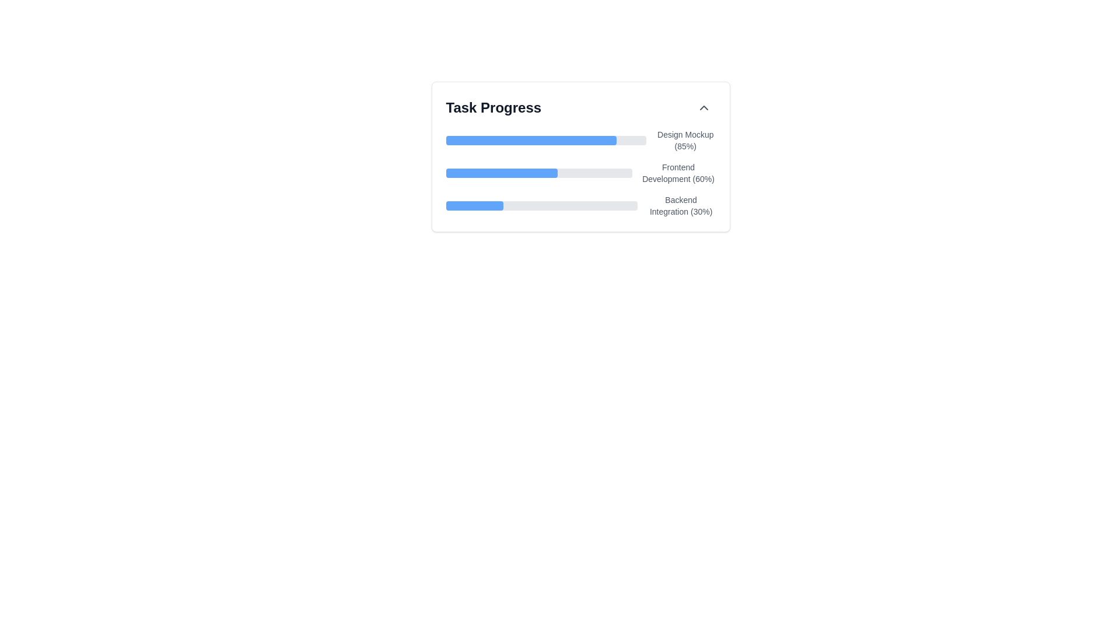  Describe the element at coordinates (580, 205) in the screenshot. I see `the third progress bar in the 'Task Progress' section, which indicates 30% completion of the 'Backend Integration' task` at that location.